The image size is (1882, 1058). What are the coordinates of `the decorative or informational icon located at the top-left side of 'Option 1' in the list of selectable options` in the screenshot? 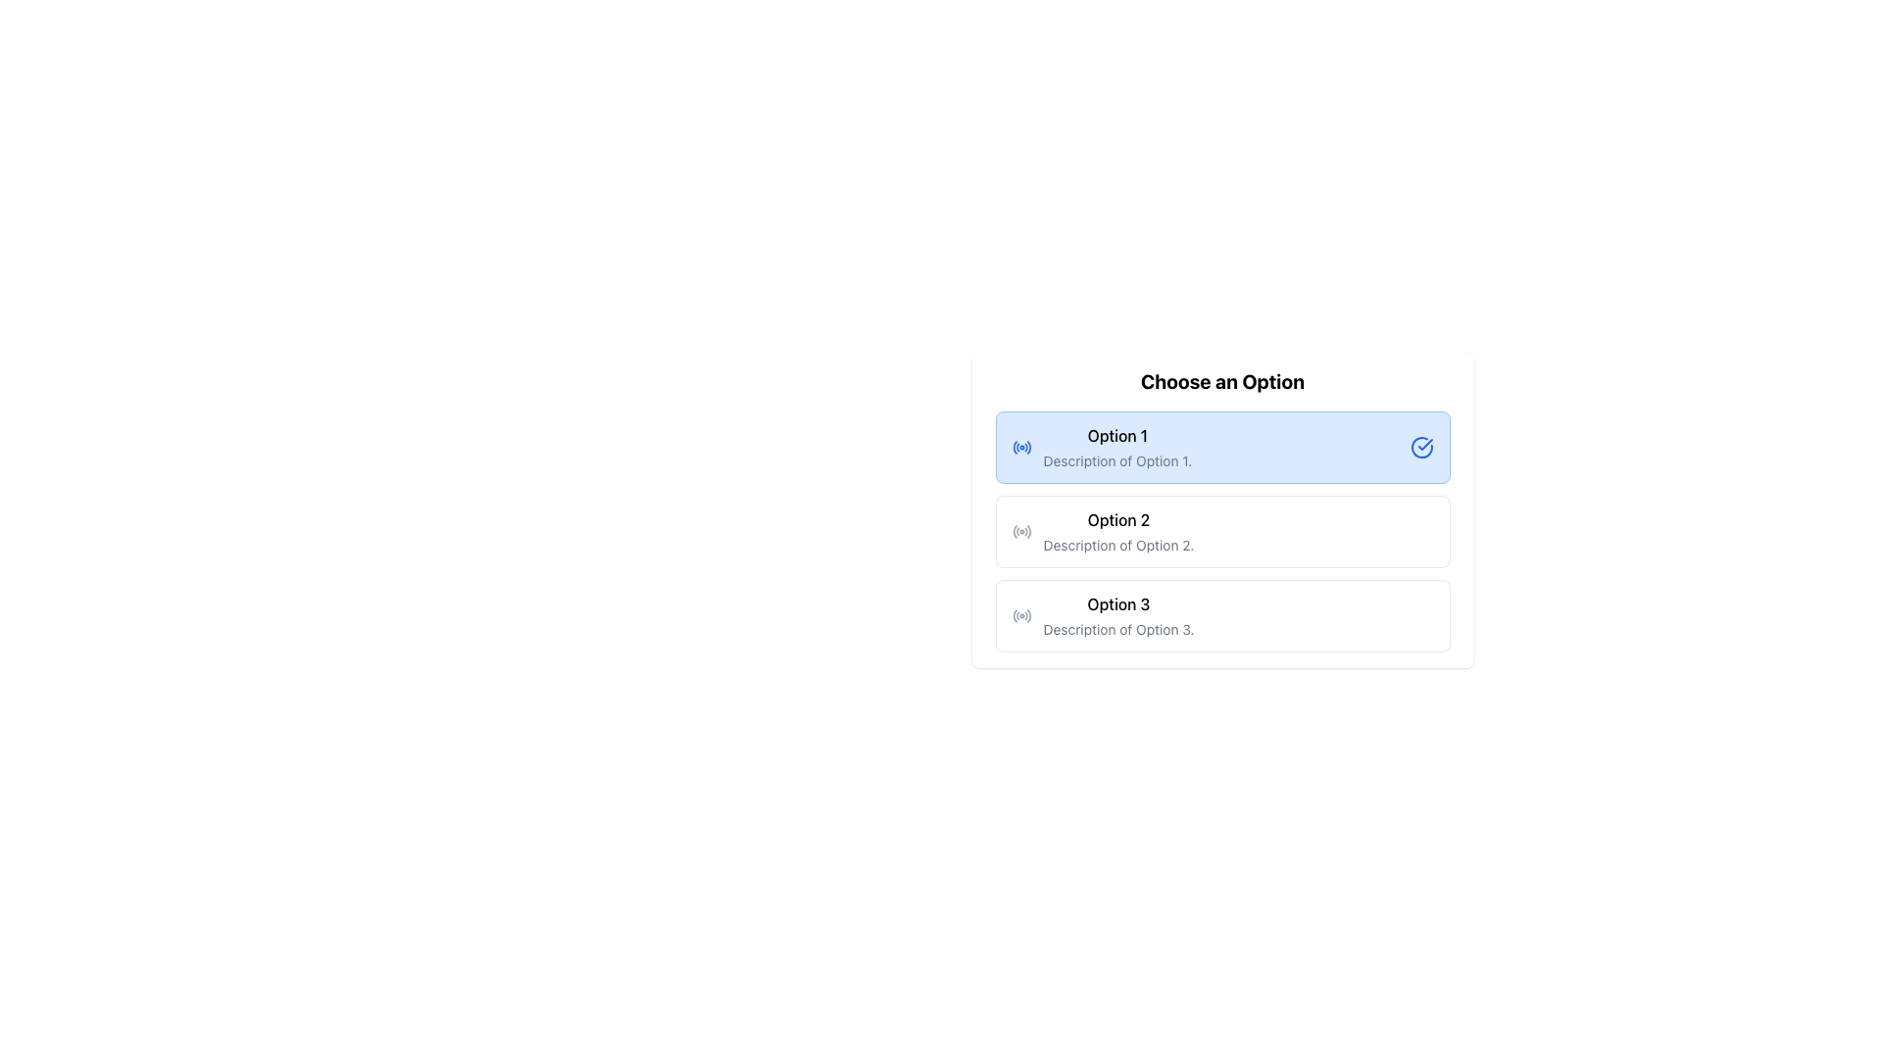 It's located at (1020, 447).